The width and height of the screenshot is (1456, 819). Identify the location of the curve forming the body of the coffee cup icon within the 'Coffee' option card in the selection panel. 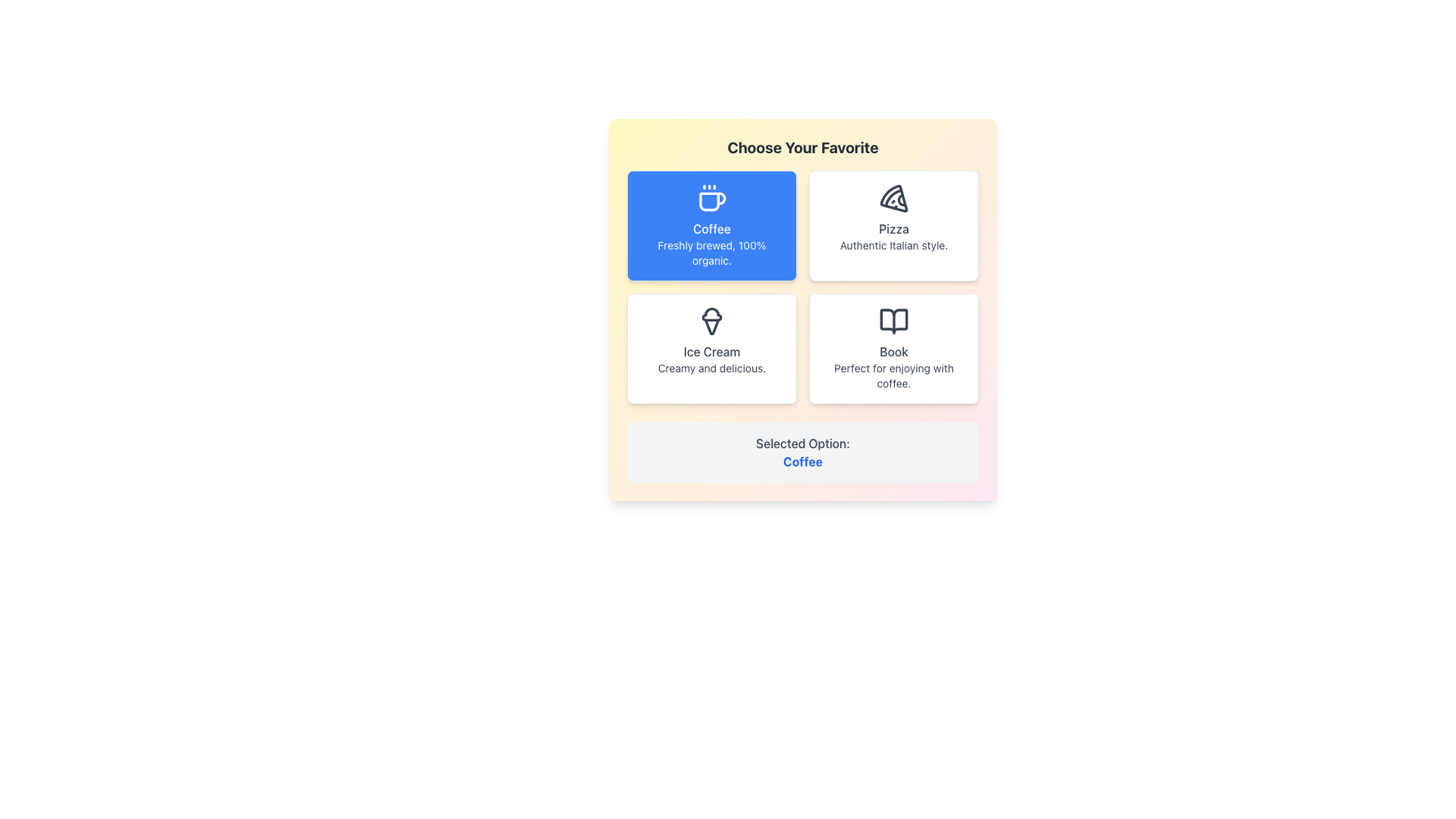
(711, 201).